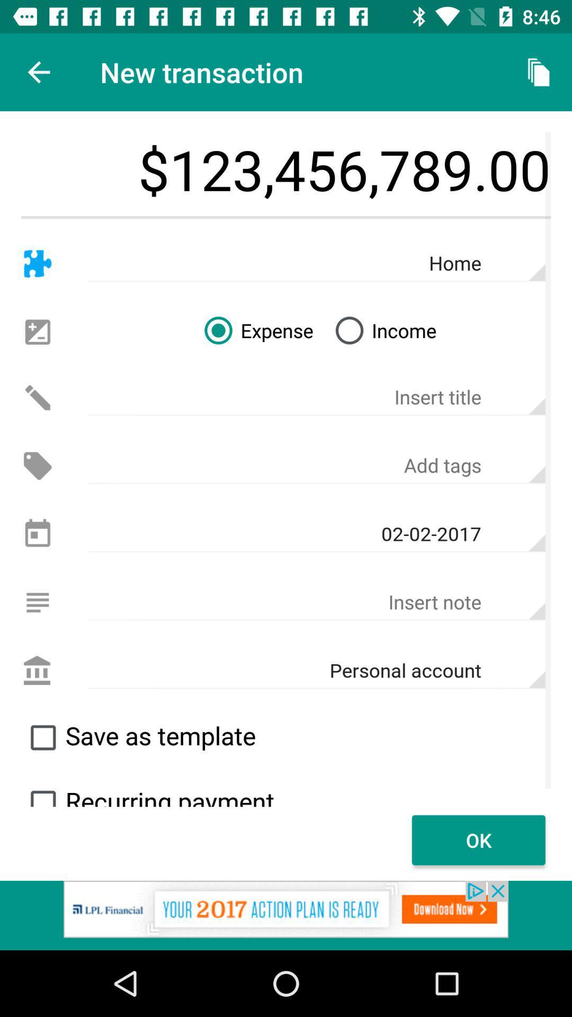  I want to click on the personal account, so click(37, 670).